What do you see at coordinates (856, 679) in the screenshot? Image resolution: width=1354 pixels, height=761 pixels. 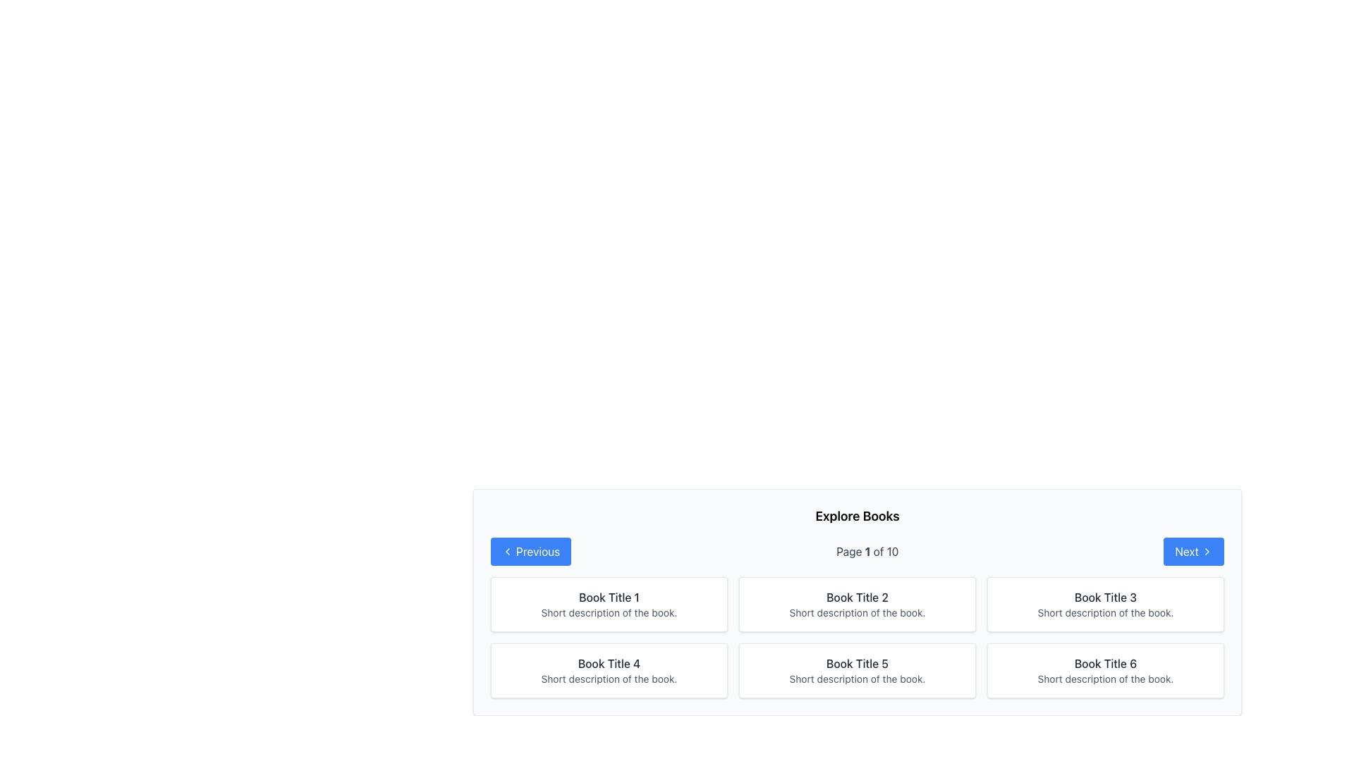 I see `supplementary description text located below the title 'Book Title 5' in the card` at bounding box center [856, 679].